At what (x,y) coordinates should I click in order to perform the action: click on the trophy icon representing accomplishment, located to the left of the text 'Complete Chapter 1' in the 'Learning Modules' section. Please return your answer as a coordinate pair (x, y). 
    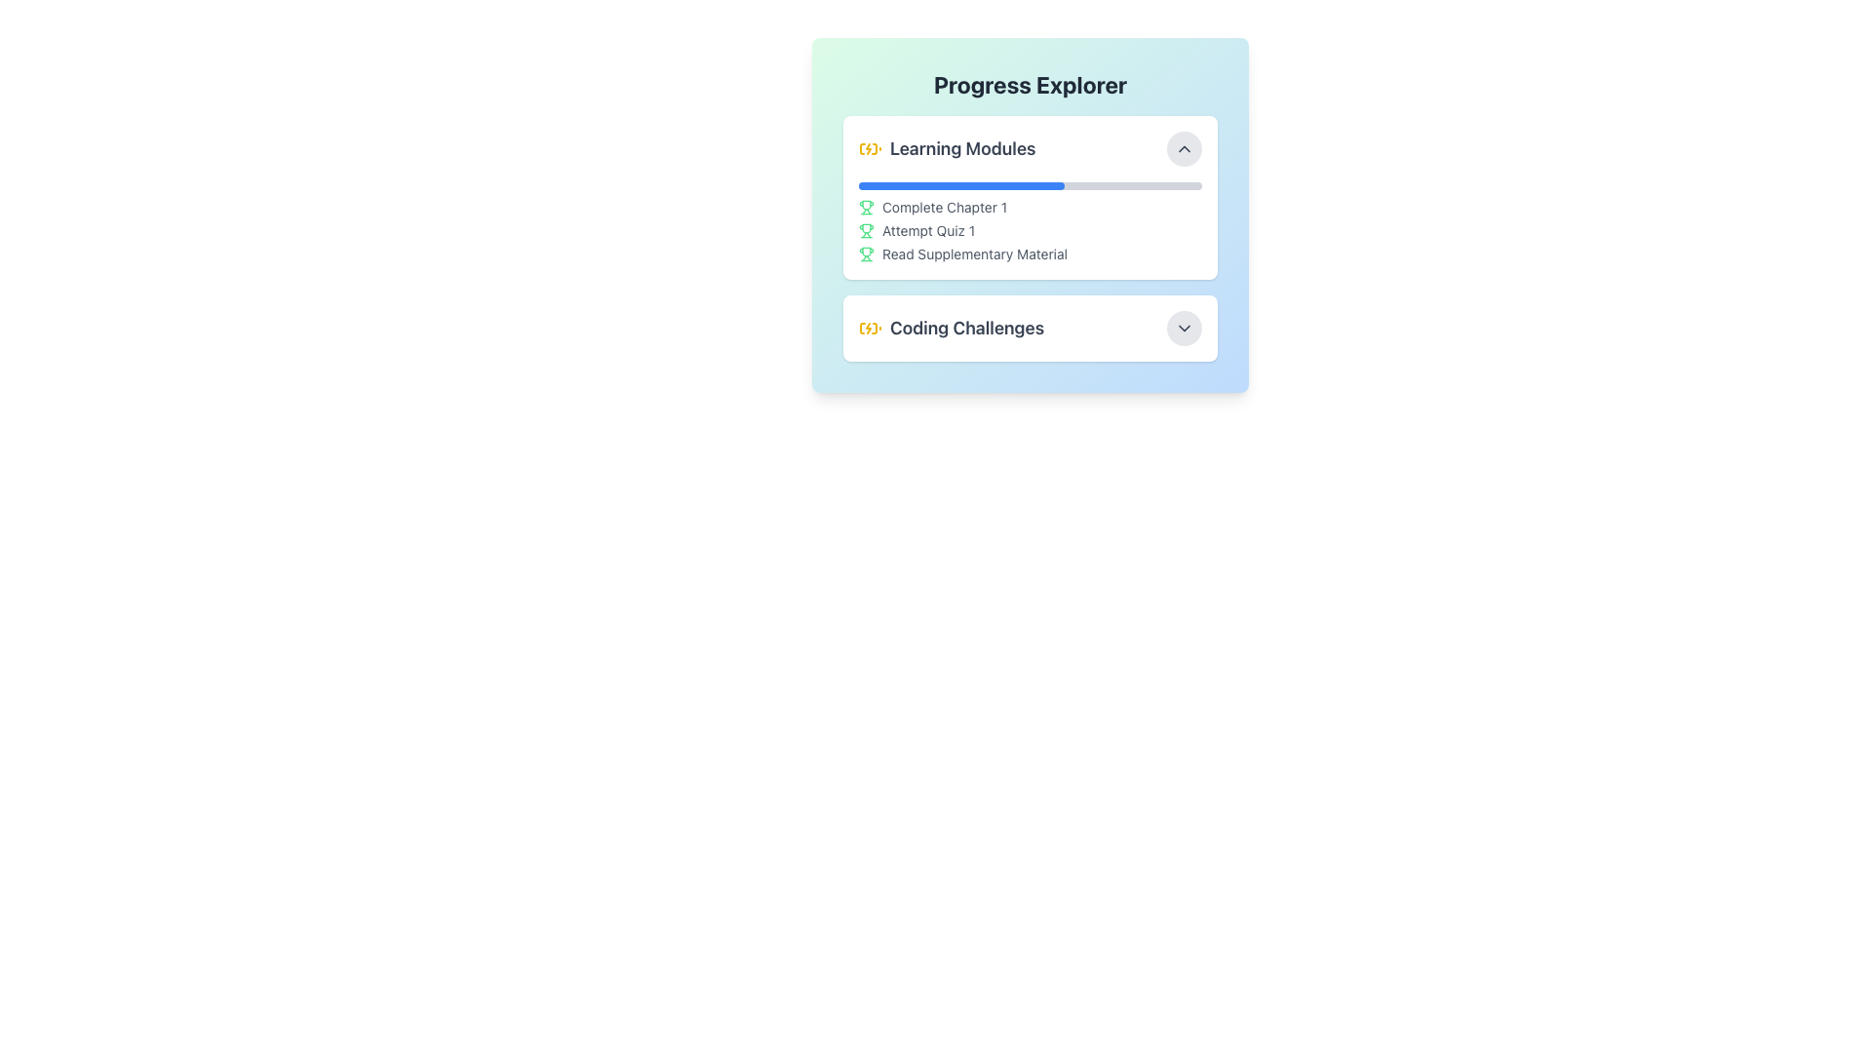
    Looking at the image, I should click on (865, 207).